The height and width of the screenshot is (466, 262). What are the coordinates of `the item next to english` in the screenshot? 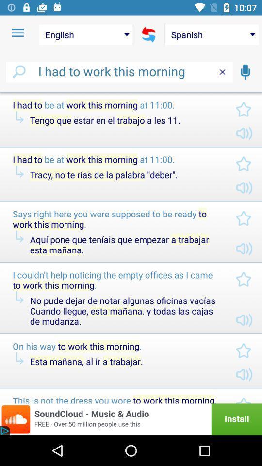 It's located at (17, 33).